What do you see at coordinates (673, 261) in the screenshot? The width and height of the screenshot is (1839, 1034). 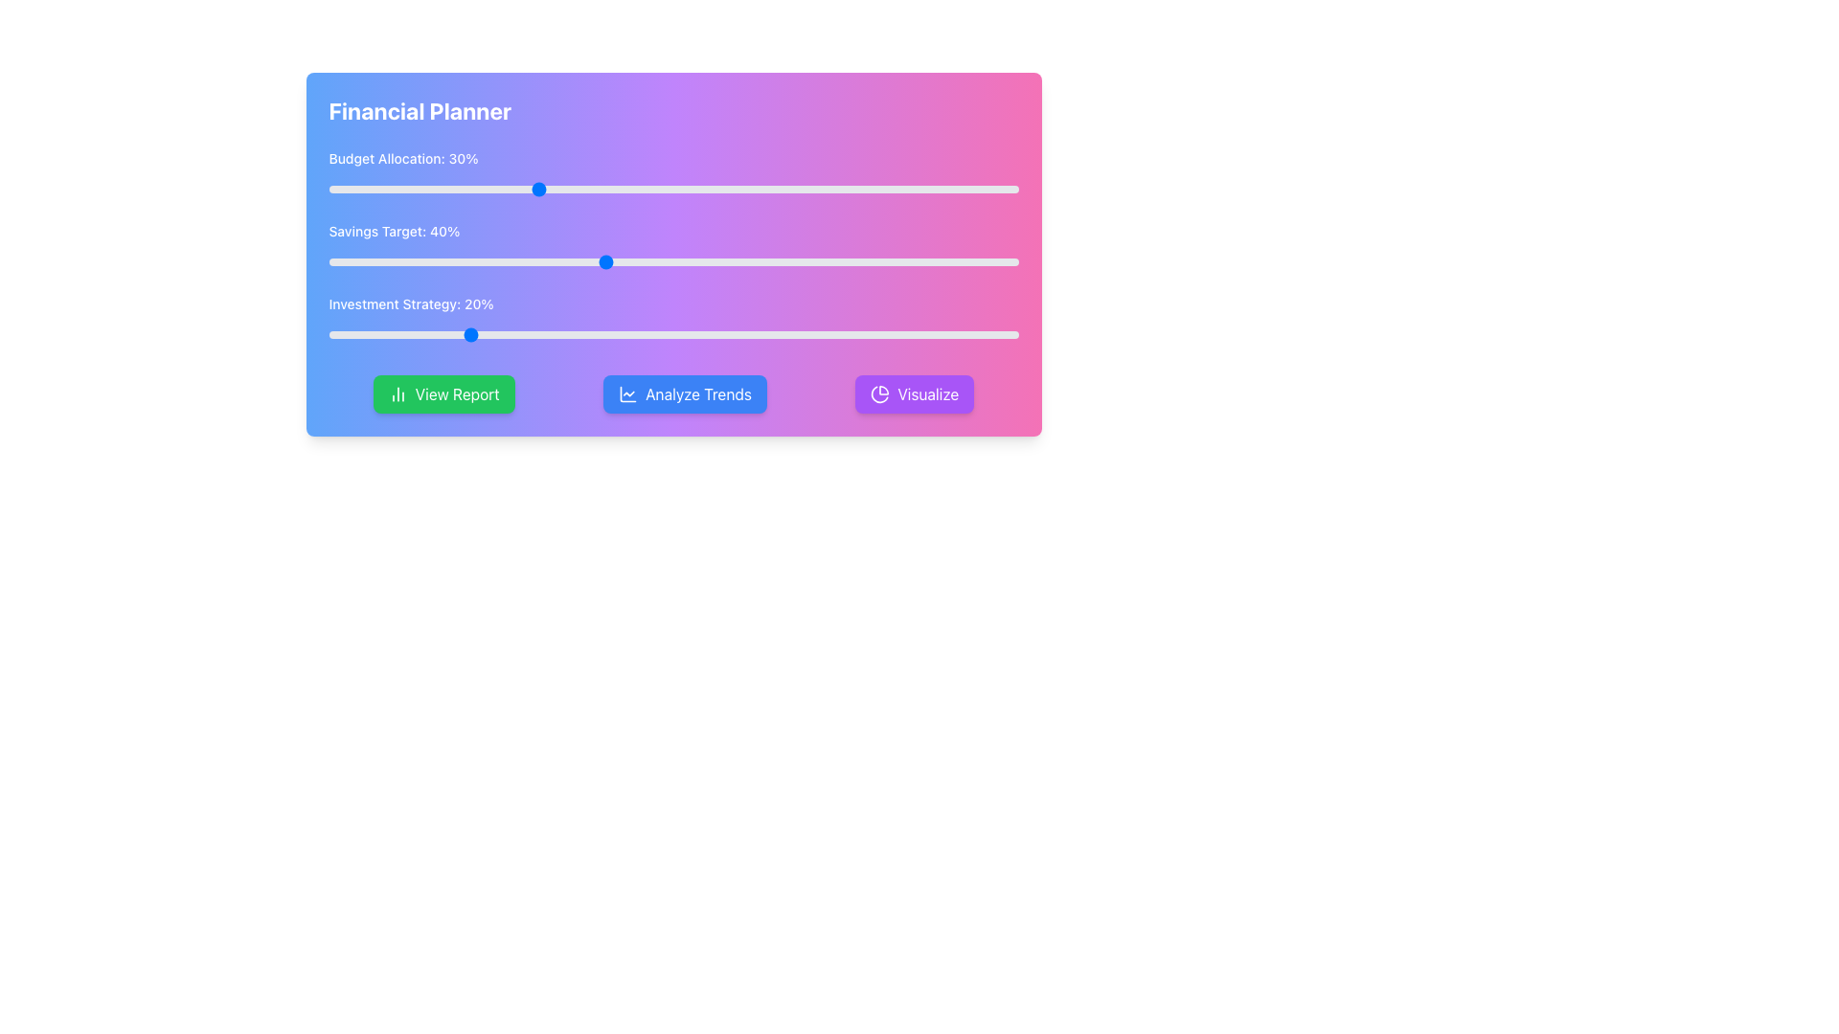 I see `the slider control for adjusting the savings target value located below the text 'Savings Target: 40%' in the 'Financial Planner' section` at bounding box center [673, 261].